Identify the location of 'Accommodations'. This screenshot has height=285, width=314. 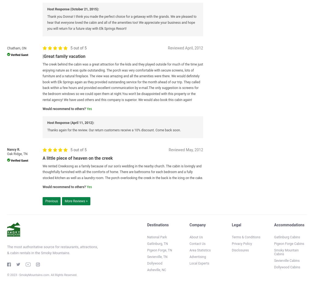
(289, 225).